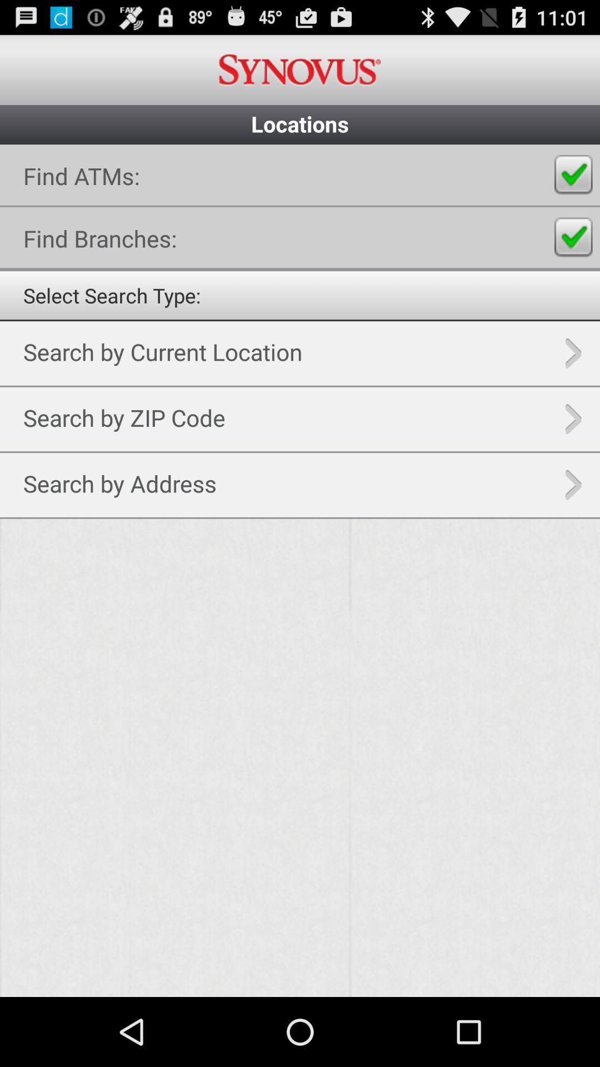 Image resolution: width=600 pixels, height=1067 pixels. I want to click on the item to the right of find branches: icon, so click(573, 237).